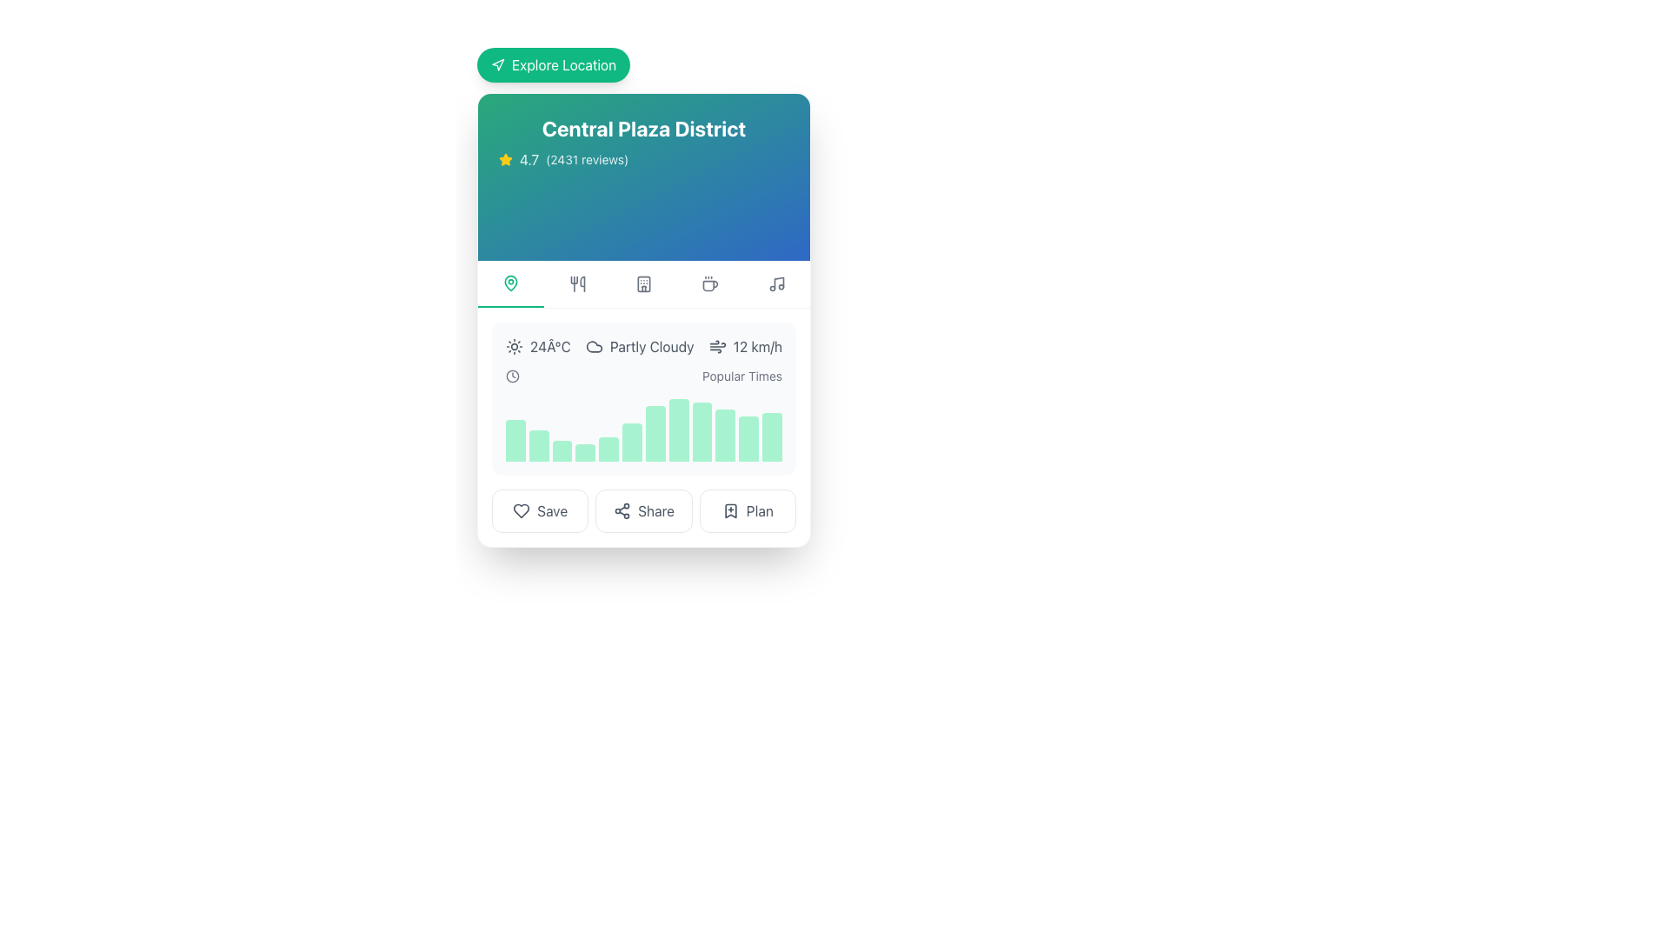  Describe the element at coordinates (551, 509) in the screenshot. I see `the 'Save' button located in the lower section of the central content area, situated between a heart icon on the left and a 'Share' button on the right, to initiate the save action` at that location.